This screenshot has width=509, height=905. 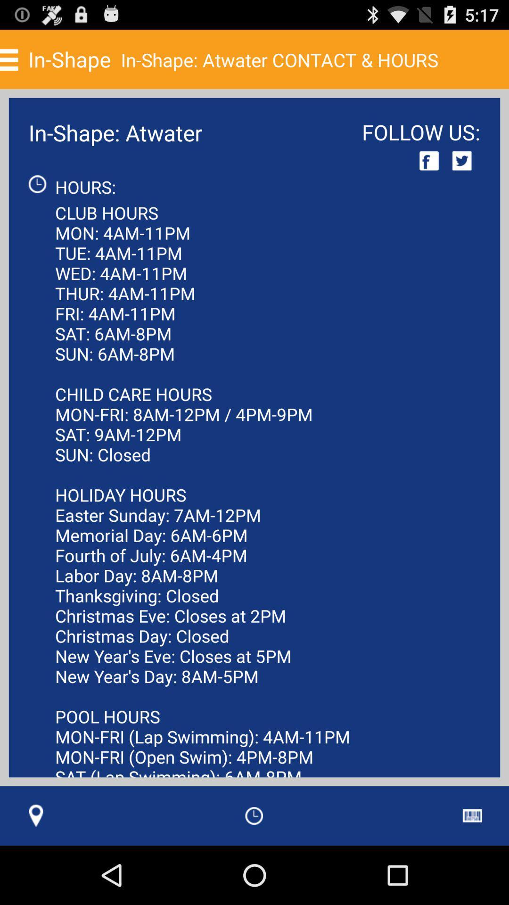 What do you see at coordinates (429, 172) in the screenshot?
I see `the facebook icon` at bounding box center [429, 172].